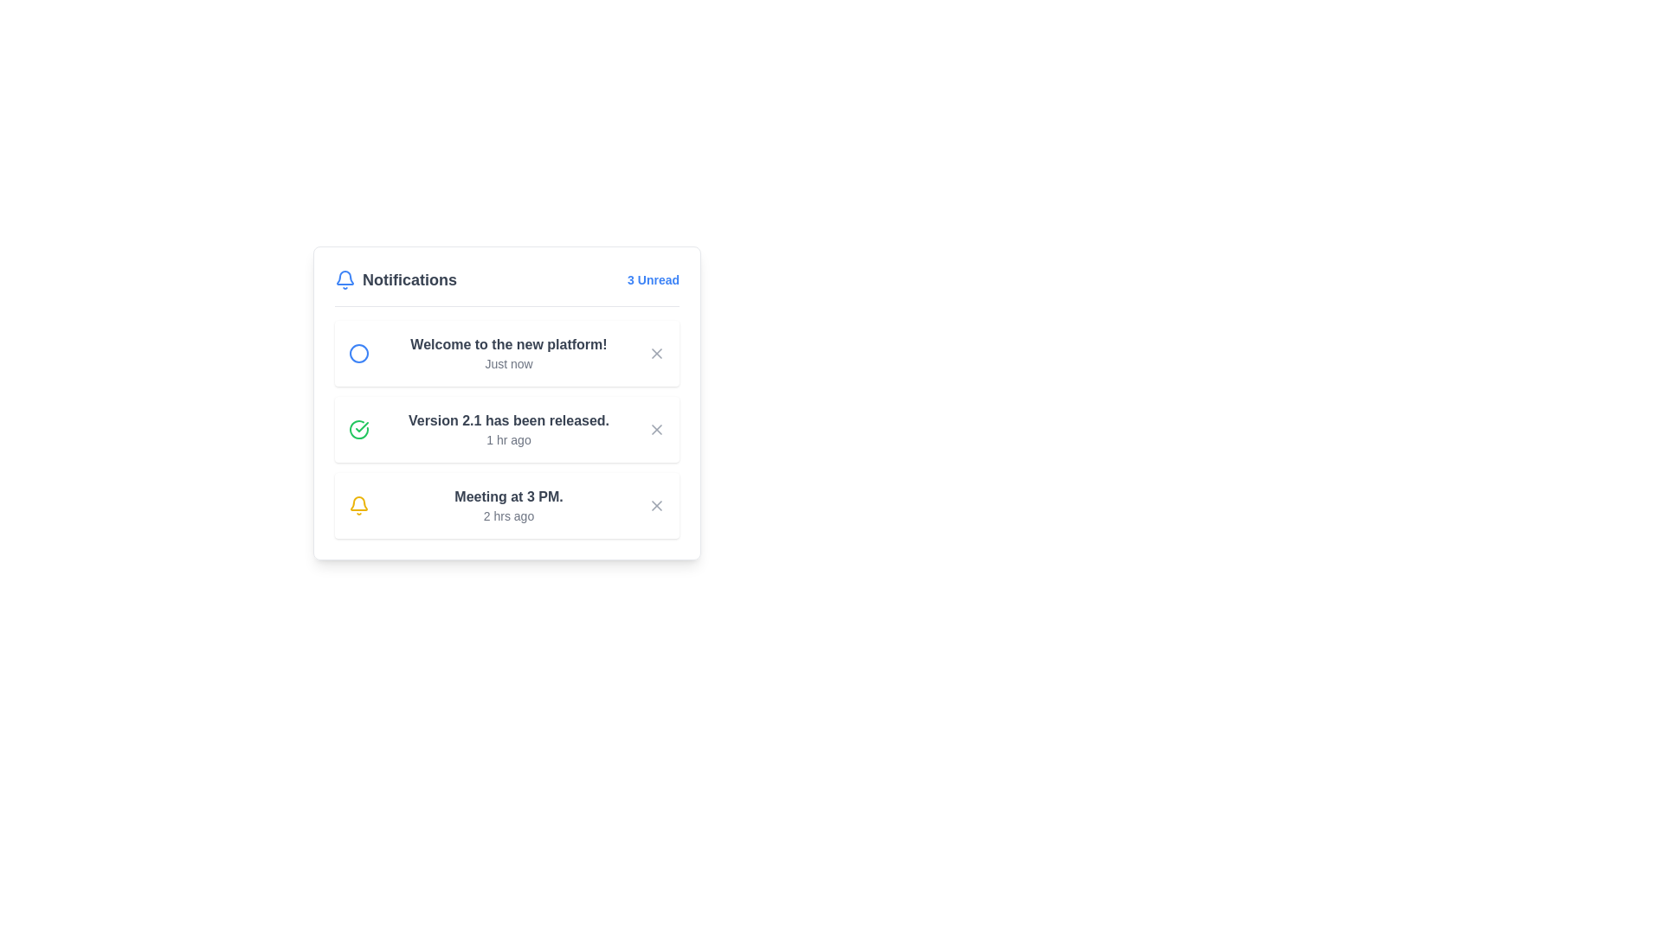  I want to click on the text label displaying '2 hrs ago', which is located beneath the 'Meeting at 3 PM.' text within a notification card, so click(508, 515).